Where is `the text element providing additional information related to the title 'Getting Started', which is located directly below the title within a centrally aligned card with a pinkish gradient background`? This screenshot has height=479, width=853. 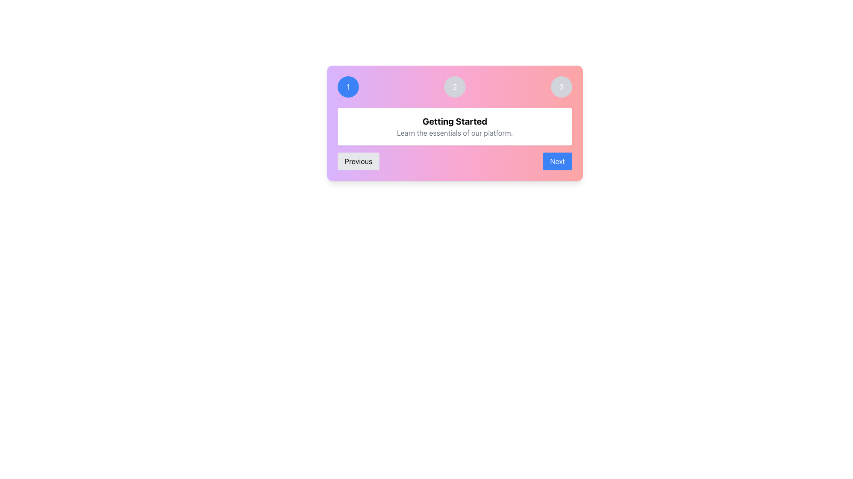
the text element providing additional information related to the title 'Getting Started', which is located directly below the title within a centrally aligned card with a pinkish gradient background is located at coordinates (454, 133).